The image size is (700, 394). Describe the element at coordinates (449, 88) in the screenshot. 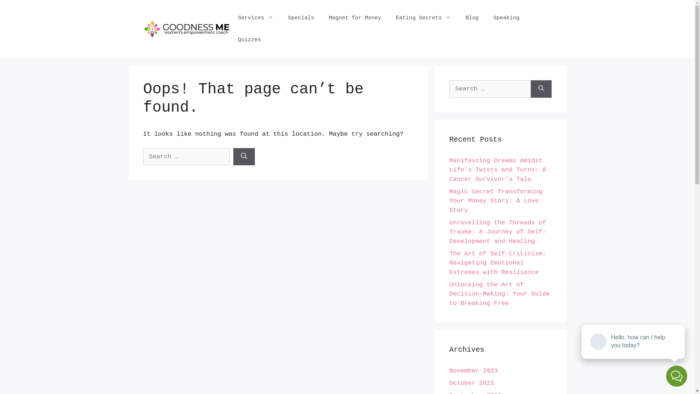

I see `'Search for:'` at that location.